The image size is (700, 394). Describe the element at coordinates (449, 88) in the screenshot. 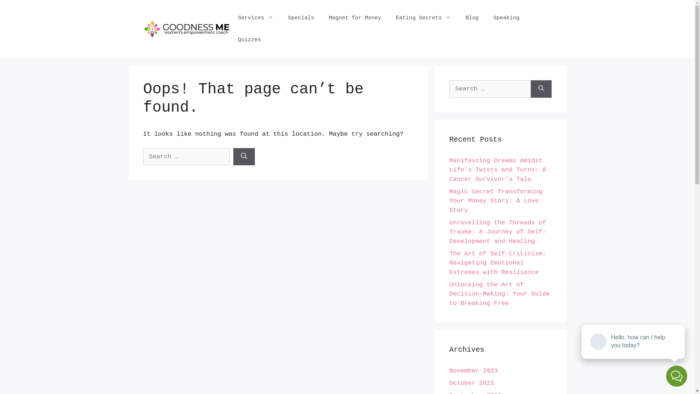

I see `'Search for:'` at that location.